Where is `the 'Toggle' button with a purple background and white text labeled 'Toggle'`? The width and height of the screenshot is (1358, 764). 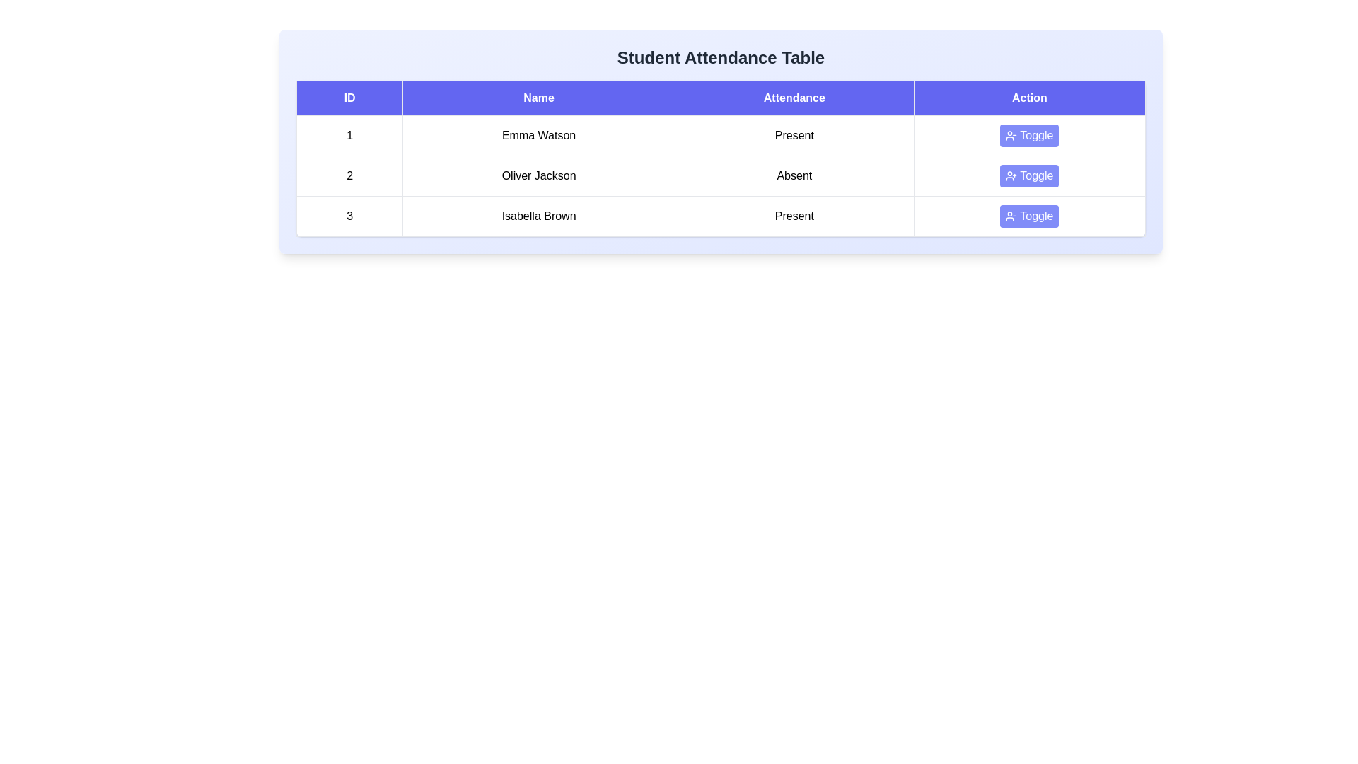
the 'Toggle' button with a purple background and white text labeled 'Toggle' is located at coordinates (1029, 175).